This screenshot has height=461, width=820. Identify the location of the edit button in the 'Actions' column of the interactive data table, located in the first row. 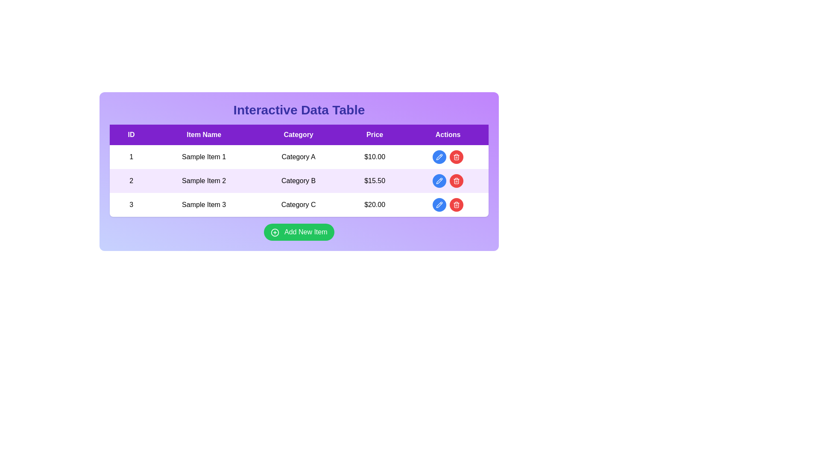
(439, 157).